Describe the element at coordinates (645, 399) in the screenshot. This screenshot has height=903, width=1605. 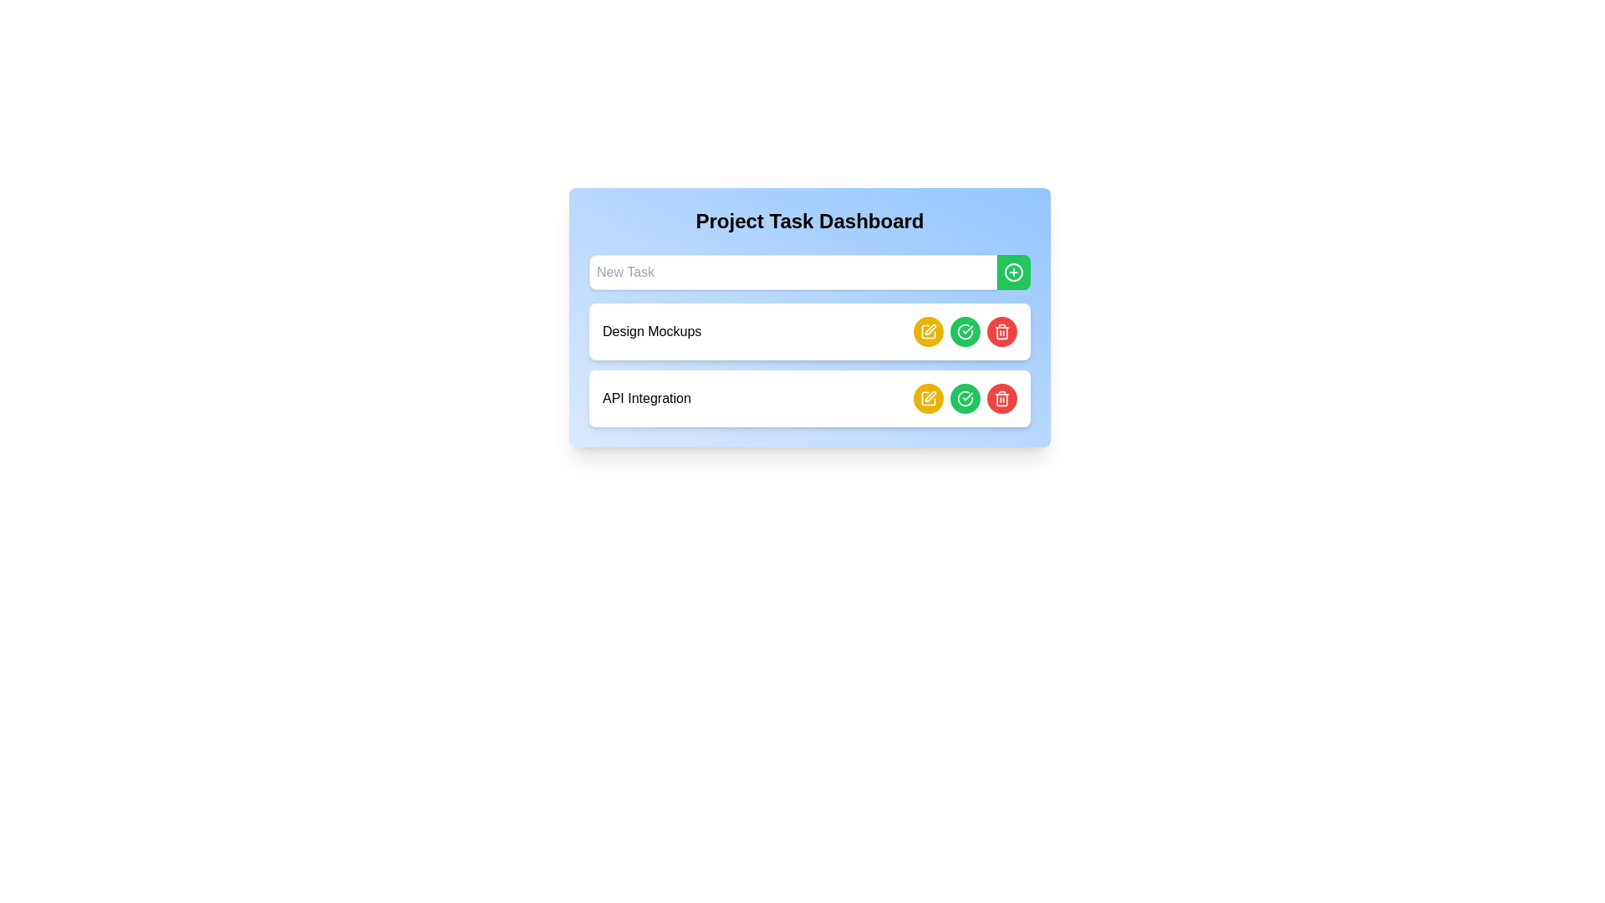
I see `the text label representing the second task entry in the vertical list of tasks within the task management interface` at that location.